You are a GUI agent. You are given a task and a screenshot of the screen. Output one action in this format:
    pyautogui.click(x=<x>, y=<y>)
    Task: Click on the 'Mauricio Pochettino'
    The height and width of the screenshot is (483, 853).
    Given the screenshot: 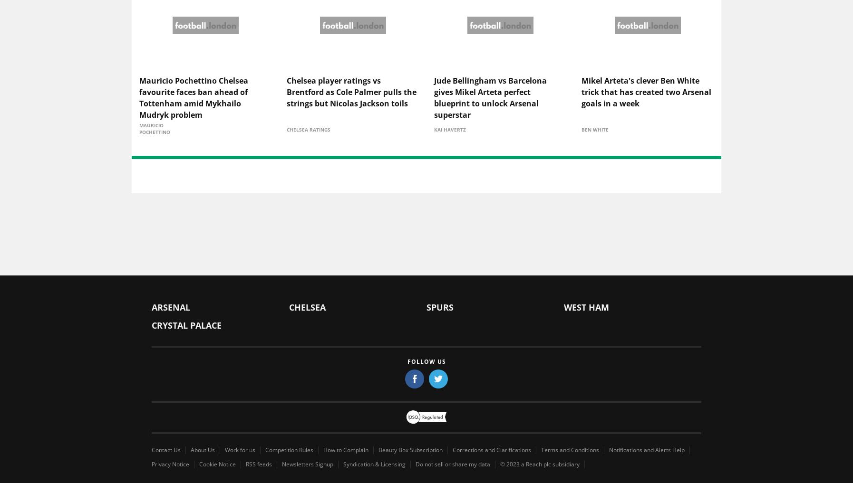 What is the action you would take?
    pyautogui.click(x=154, y=129)
    